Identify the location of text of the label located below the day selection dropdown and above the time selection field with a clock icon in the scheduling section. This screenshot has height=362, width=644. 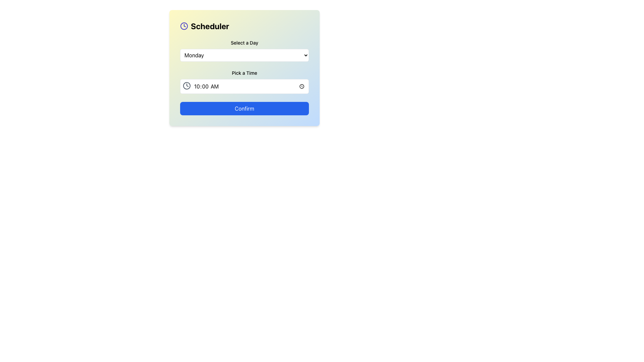
(244, 73).